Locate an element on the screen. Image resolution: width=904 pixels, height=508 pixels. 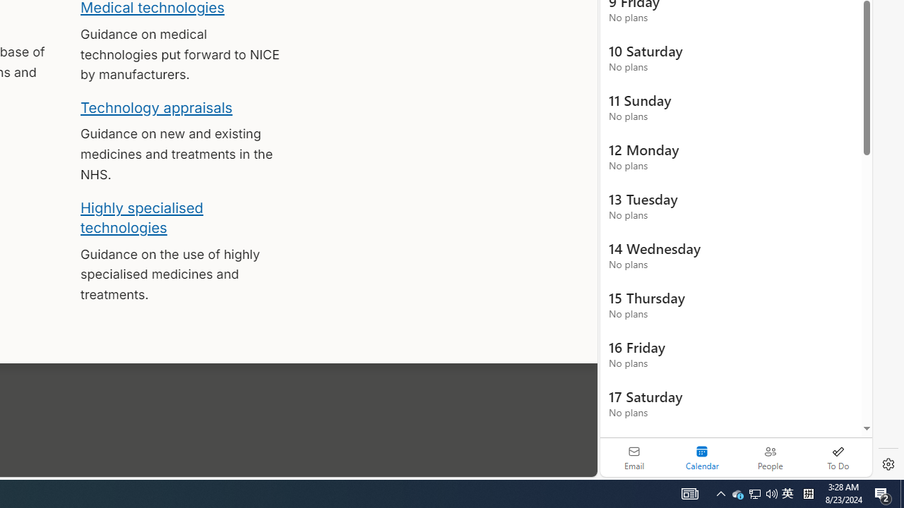
'Selected calendar module. Date today is 22' is located at coordinates (702, 457).